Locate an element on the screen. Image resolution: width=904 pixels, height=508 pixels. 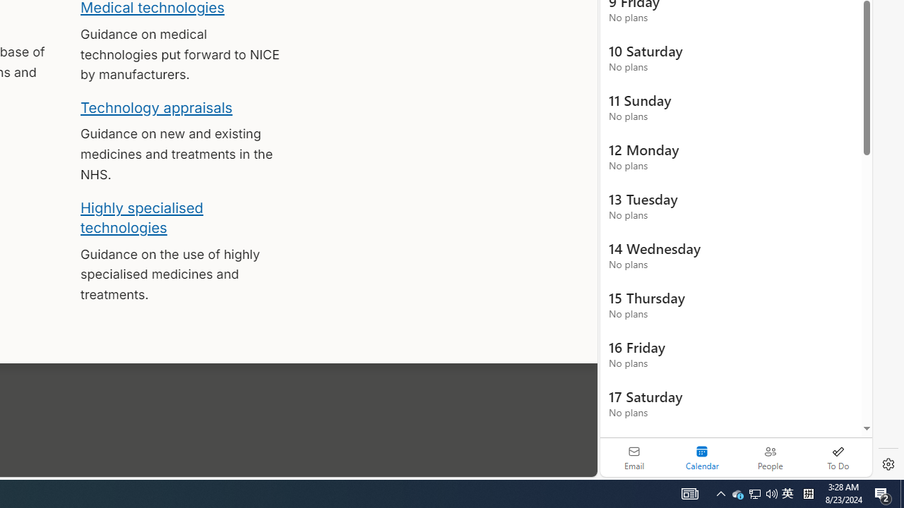
'Selected calendar module. Date today is 22' is located at coordinates (702, 457).